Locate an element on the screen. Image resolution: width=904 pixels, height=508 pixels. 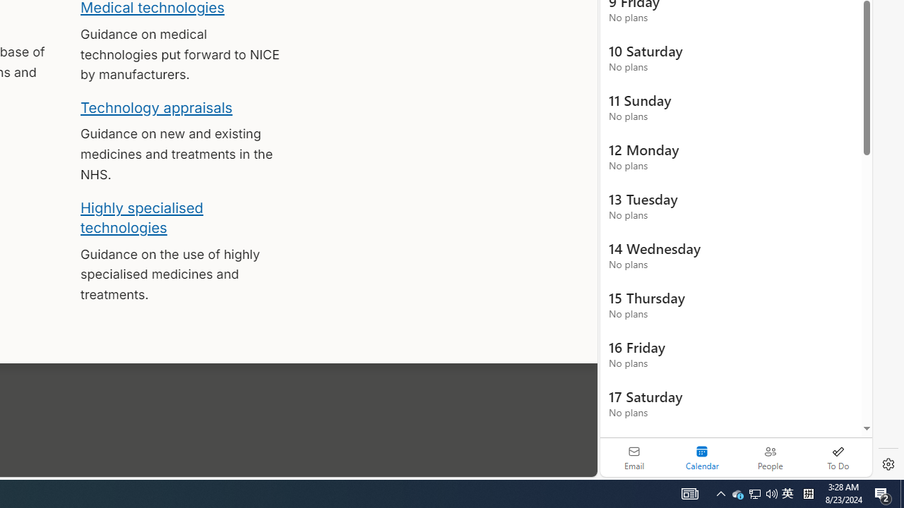
'Selected calendar module. Date today is 22' is located at coordinates (702, 457).